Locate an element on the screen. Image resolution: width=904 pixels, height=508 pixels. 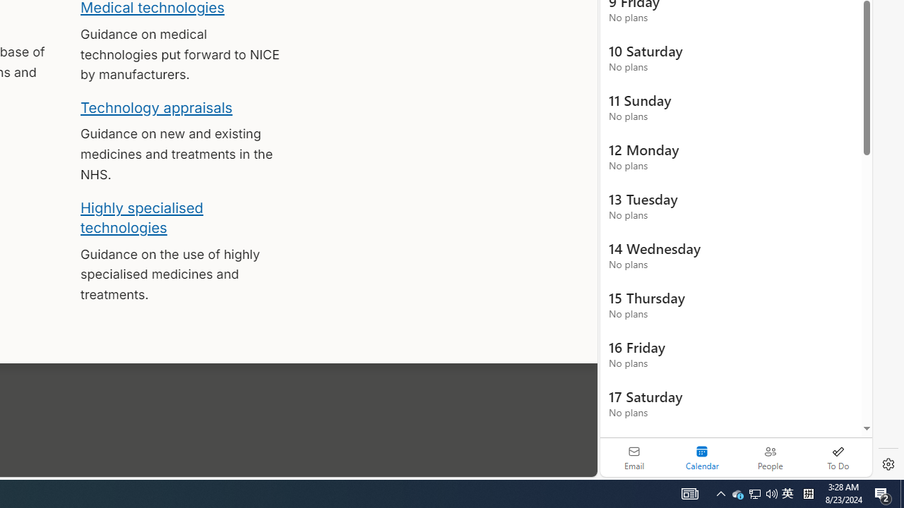
'Selected calendar module. Date today is 22' is located at coordinates (702, 457).